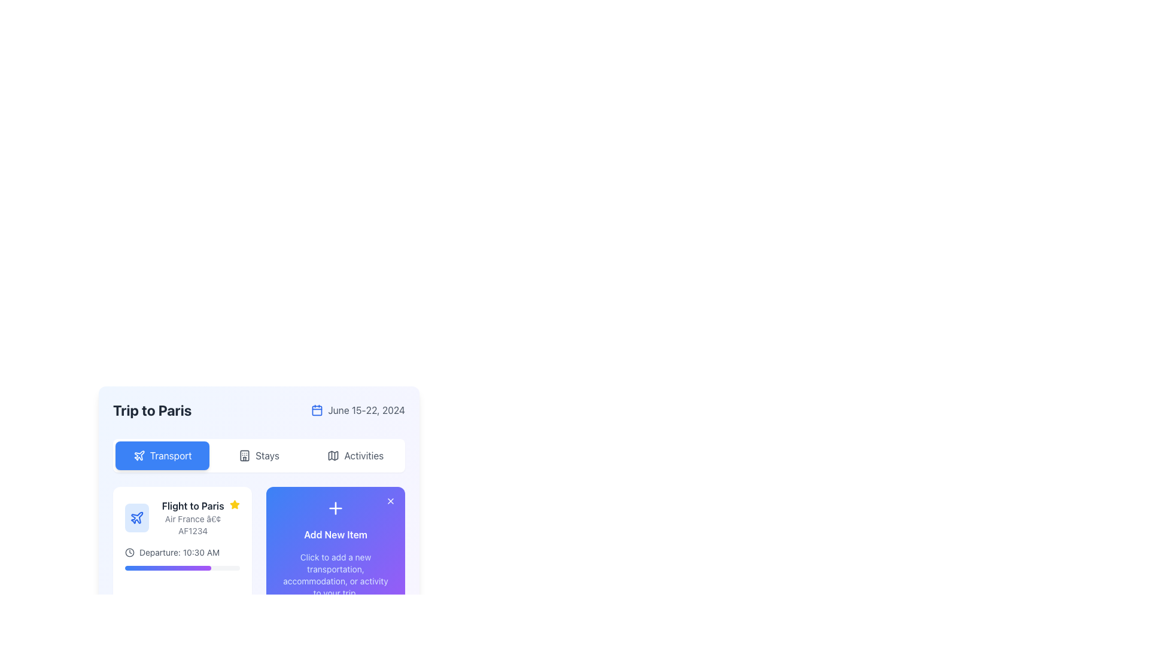 The width and height of the screenshot is (1149, 646). What do you see at coordinates (182, 565) in the screenshot?
I see `the flight information card component located in the upper-left corner of the grid, which provides details about a specific flight, such as destination, airline, flight number, and departure time` at bounding box center [182, 565].